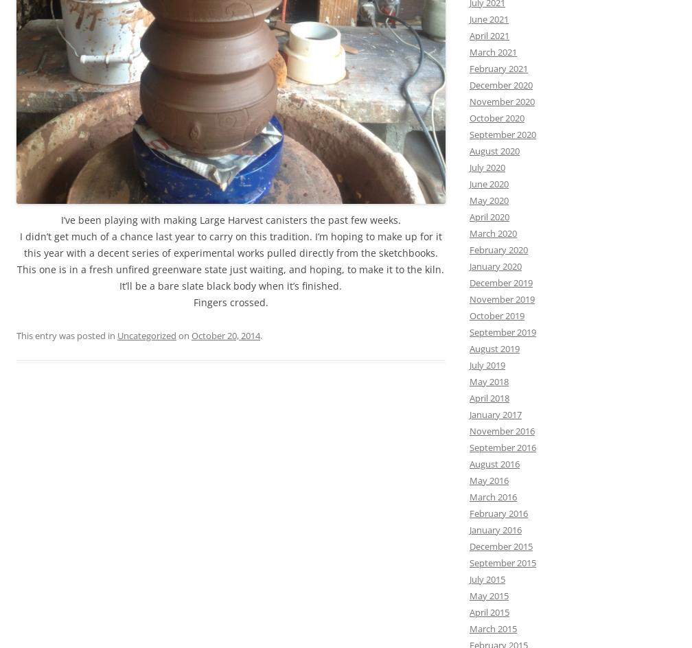  Describe the element at coordinates (503, 332) in the screenshot. I see `'September 2019'` at that location.